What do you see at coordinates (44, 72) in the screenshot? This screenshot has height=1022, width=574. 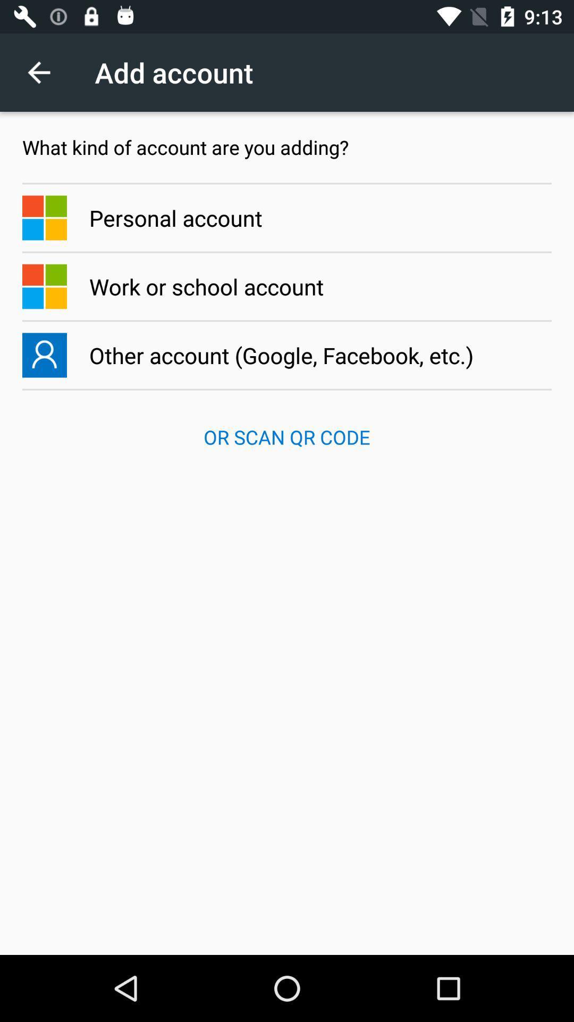 I see `item to the left of add account` at bounding box center [44, 72].